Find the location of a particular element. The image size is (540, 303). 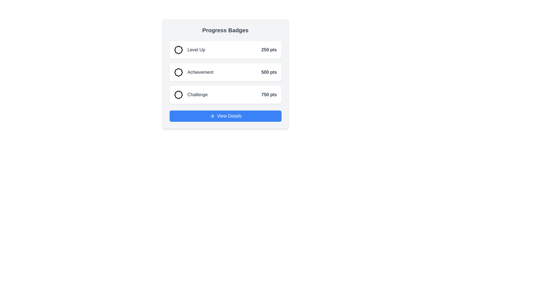

the blue outlined arrow icon located to the left of the 'View Details' text in the rounded-rectangular button to interpret its meaning is located at coordinates (211, 116).